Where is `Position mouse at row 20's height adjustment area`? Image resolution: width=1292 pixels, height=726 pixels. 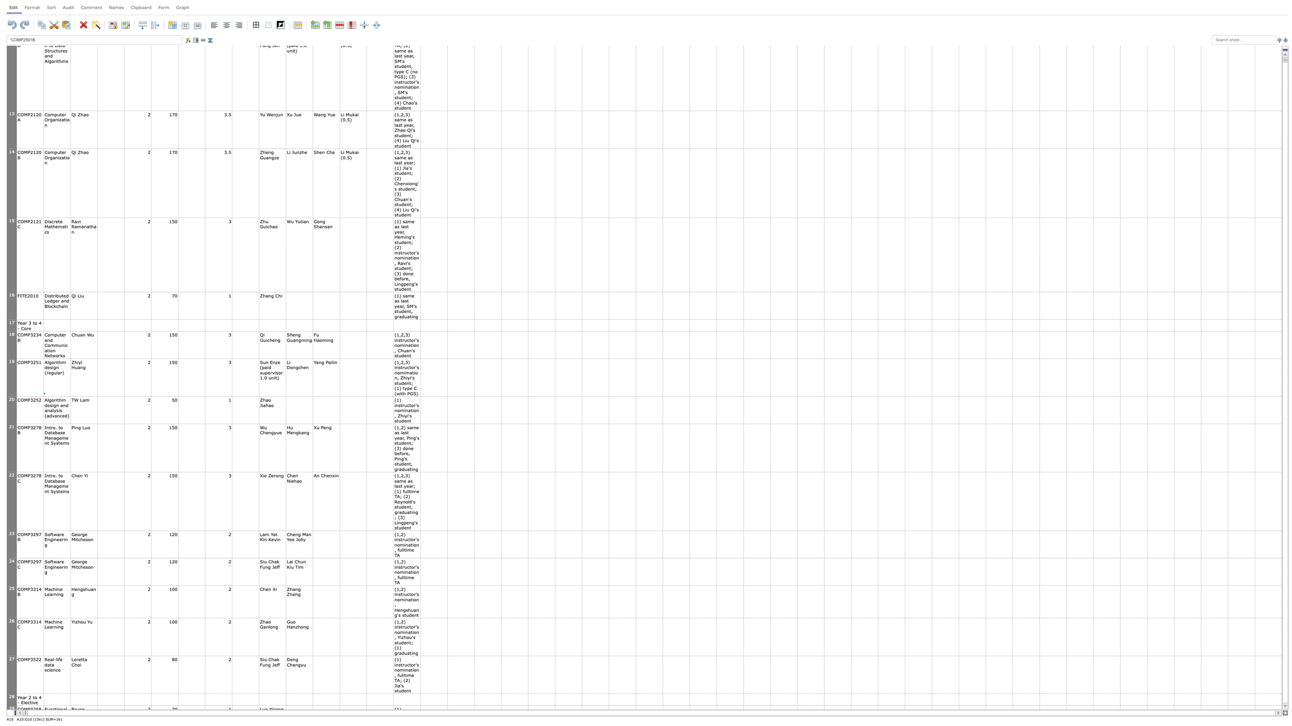
Position mouse at row 20's height adjustment area is located at coordinates (12, 424).